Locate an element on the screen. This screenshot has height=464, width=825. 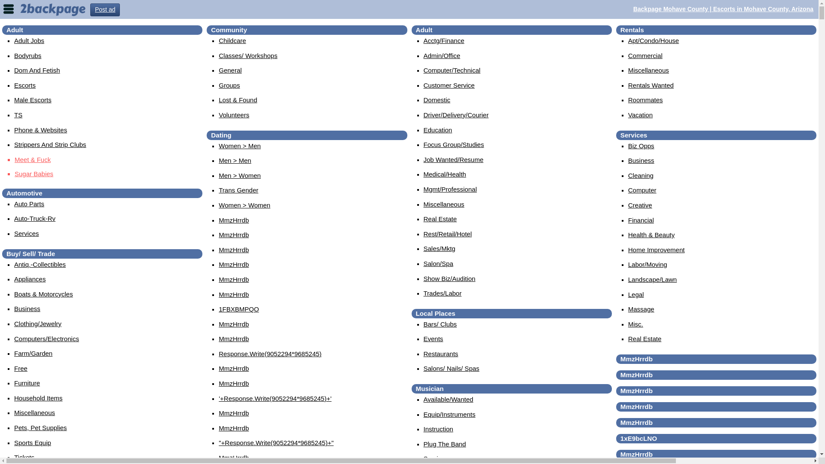
'Auto-Truck-Rv' is located at coordinates (14, 218).